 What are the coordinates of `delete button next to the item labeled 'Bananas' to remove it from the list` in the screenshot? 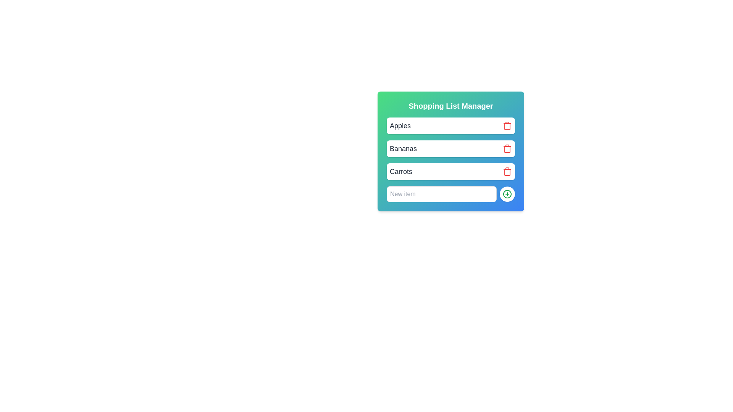 It's located at (507, 148).